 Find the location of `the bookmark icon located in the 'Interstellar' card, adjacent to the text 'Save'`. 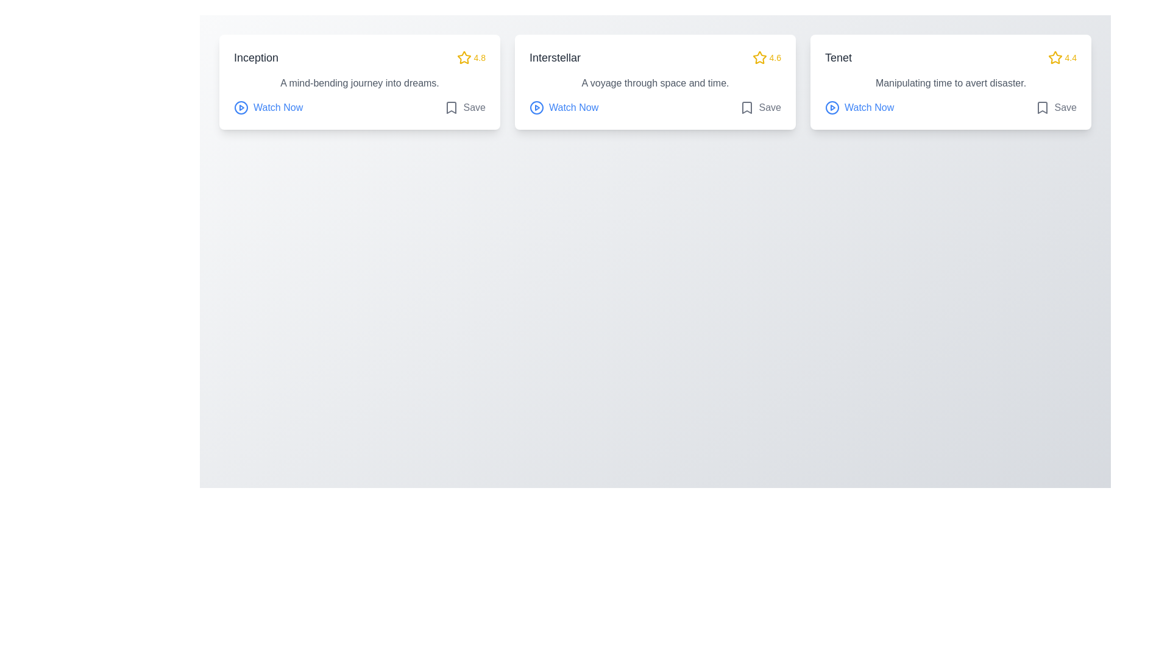

the bookmark icon located in the 'Interstellar' card, adjacent to the text 'Save' is located at coordinates (746, 107).